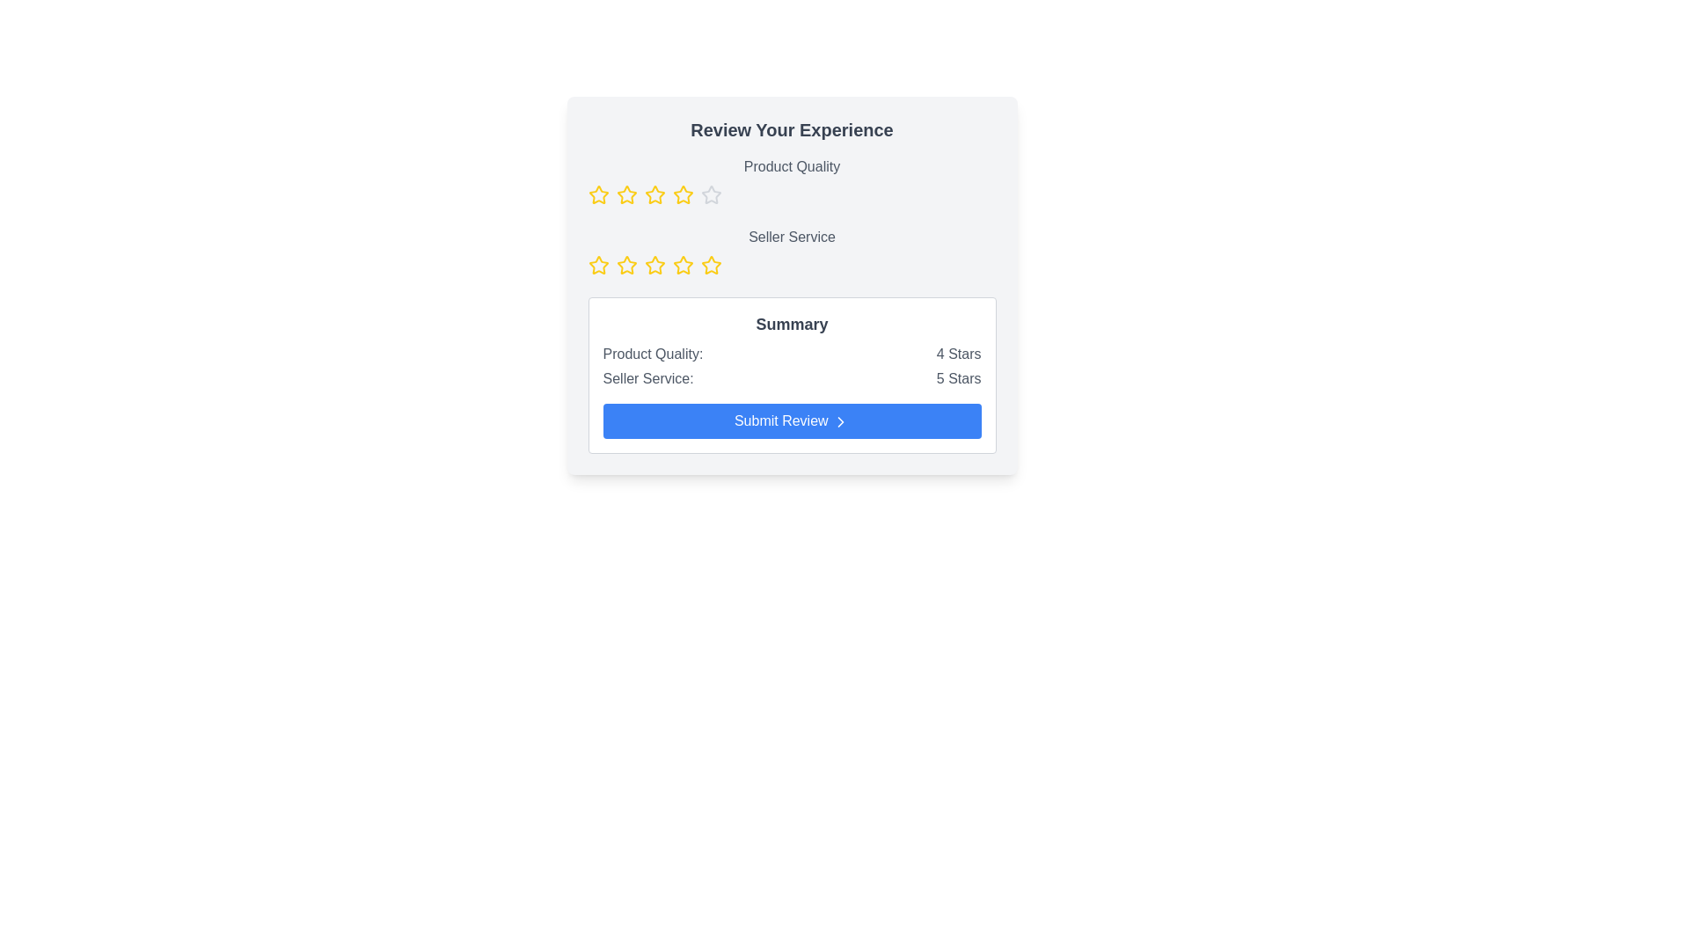  I want to click on the yellow star-shaped icon used for rating purposes, which is the second star in a row of five stars under the 'Product Quality' label, so click(626, 194).